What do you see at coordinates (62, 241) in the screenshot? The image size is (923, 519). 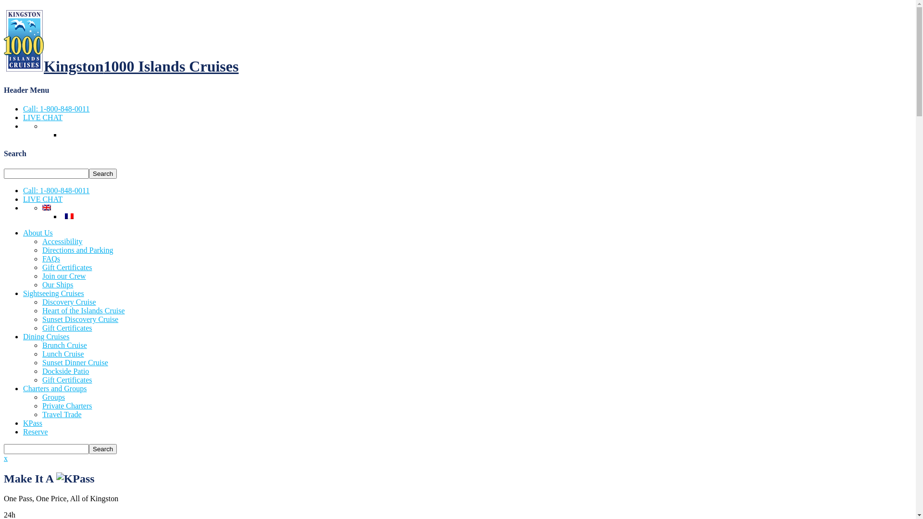 I see `'Accessibility'` at bounding box center [62, 241].